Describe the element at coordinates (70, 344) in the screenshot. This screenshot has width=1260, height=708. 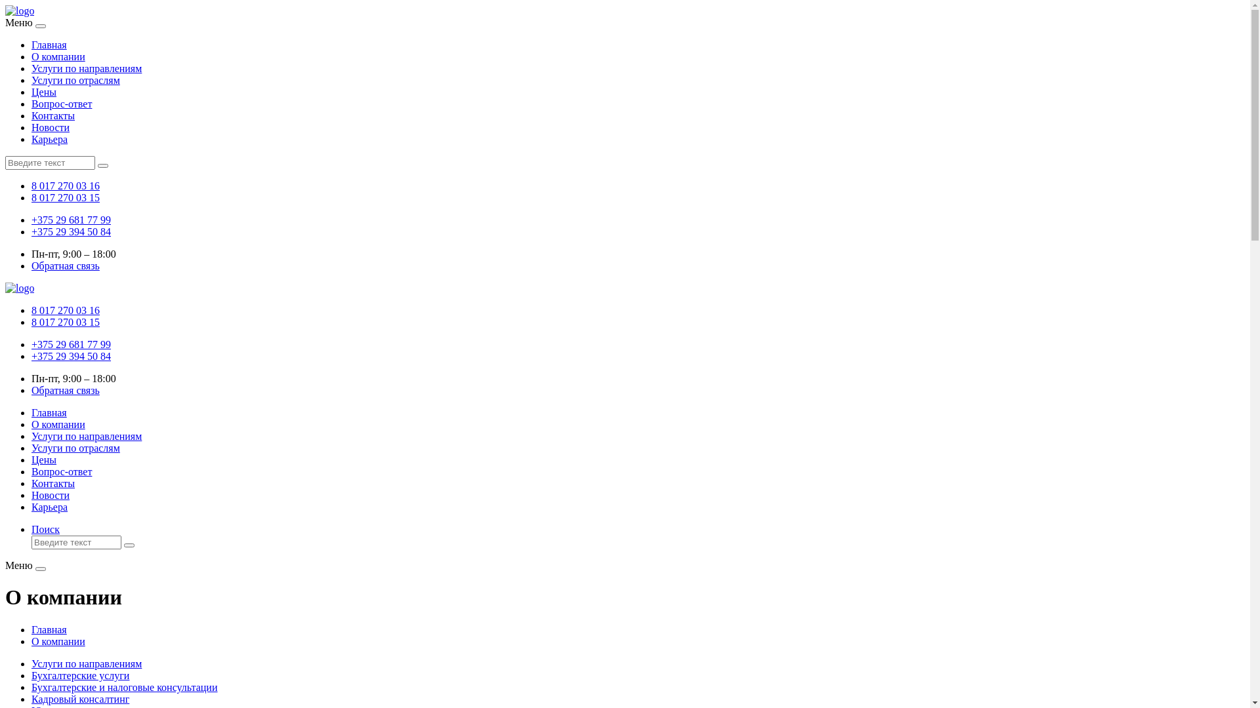
I see `'+375 29 681 77 99'` at that location.